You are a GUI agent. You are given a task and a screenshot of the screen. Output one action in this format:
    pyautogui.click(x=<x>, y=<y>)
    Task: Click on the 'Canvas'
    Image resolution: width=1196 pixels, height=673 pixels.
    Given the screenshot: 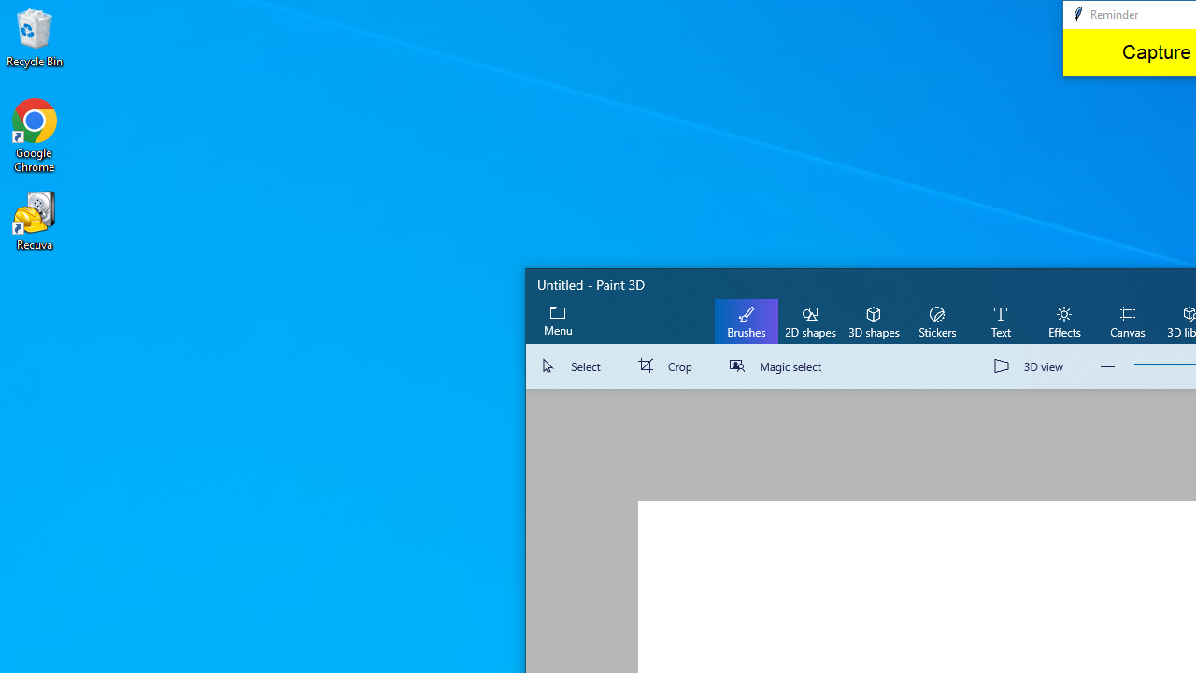 What is the action you would take?
    pyautogui.click(x=1127, y=320)
    